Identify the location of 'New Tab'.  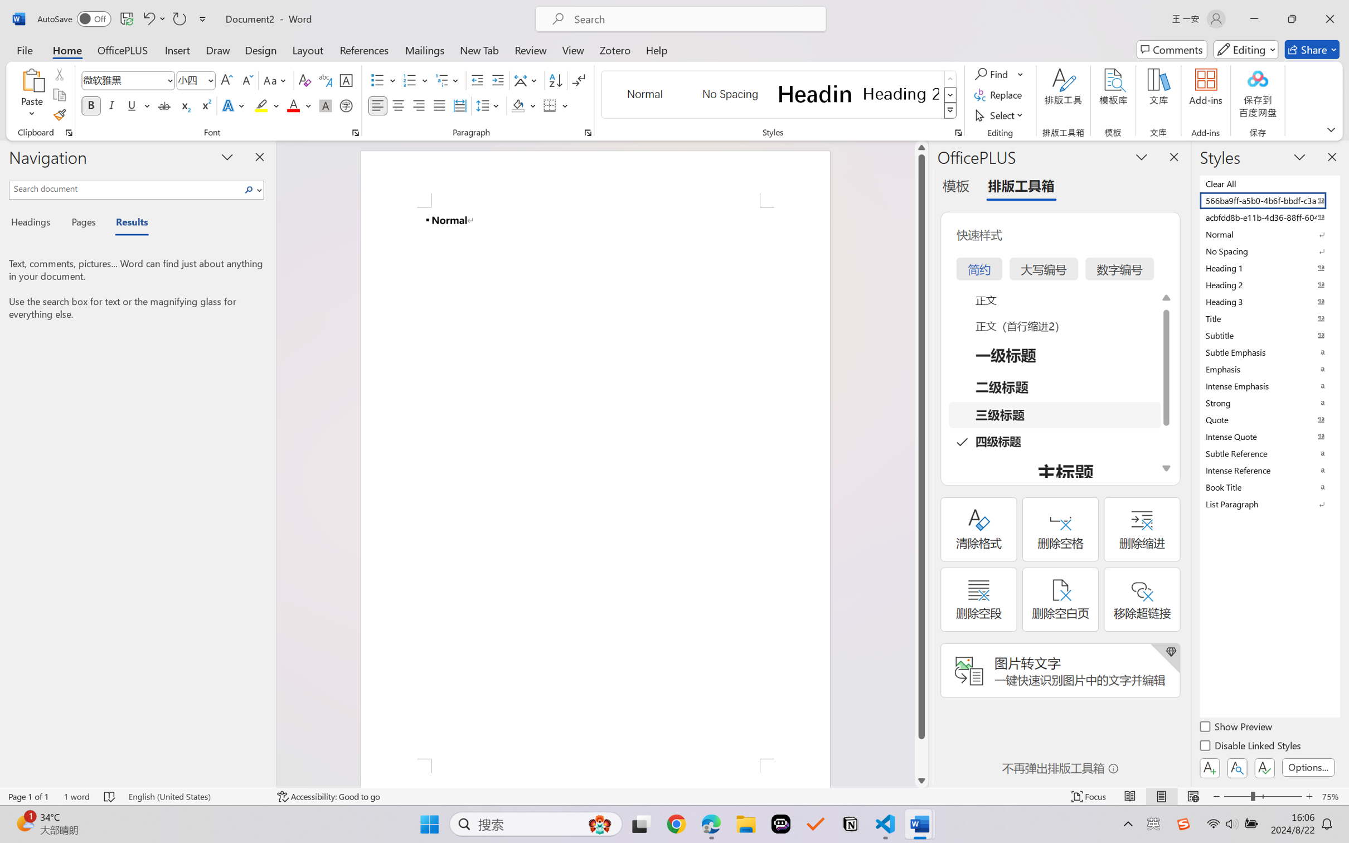
(479, 49).